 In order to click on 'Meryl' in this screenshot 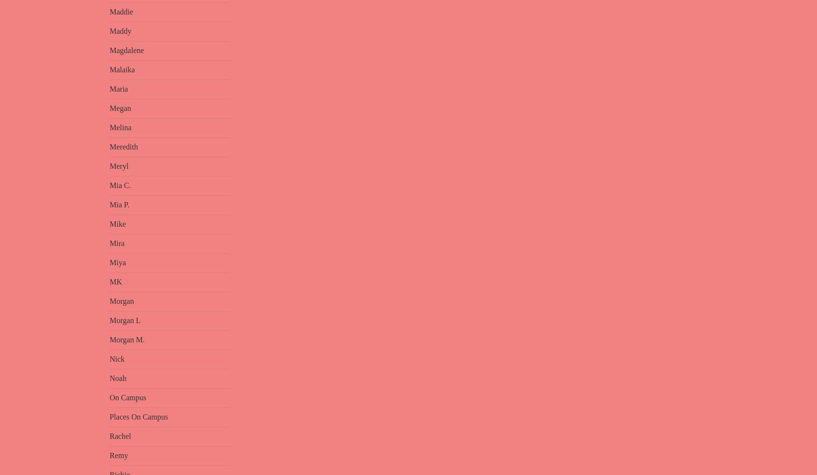, I will do `click(119, 166)`.